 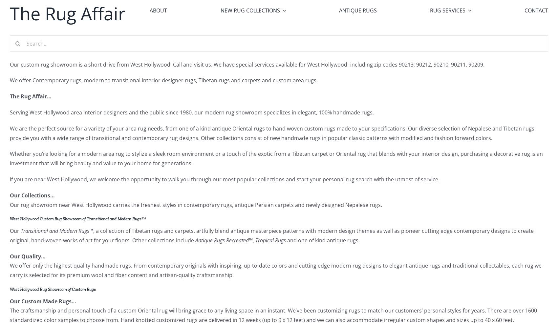 I want to click on 'West Hollywood Rug Showroom of Custom Rugs', so click(x=52, y=289).